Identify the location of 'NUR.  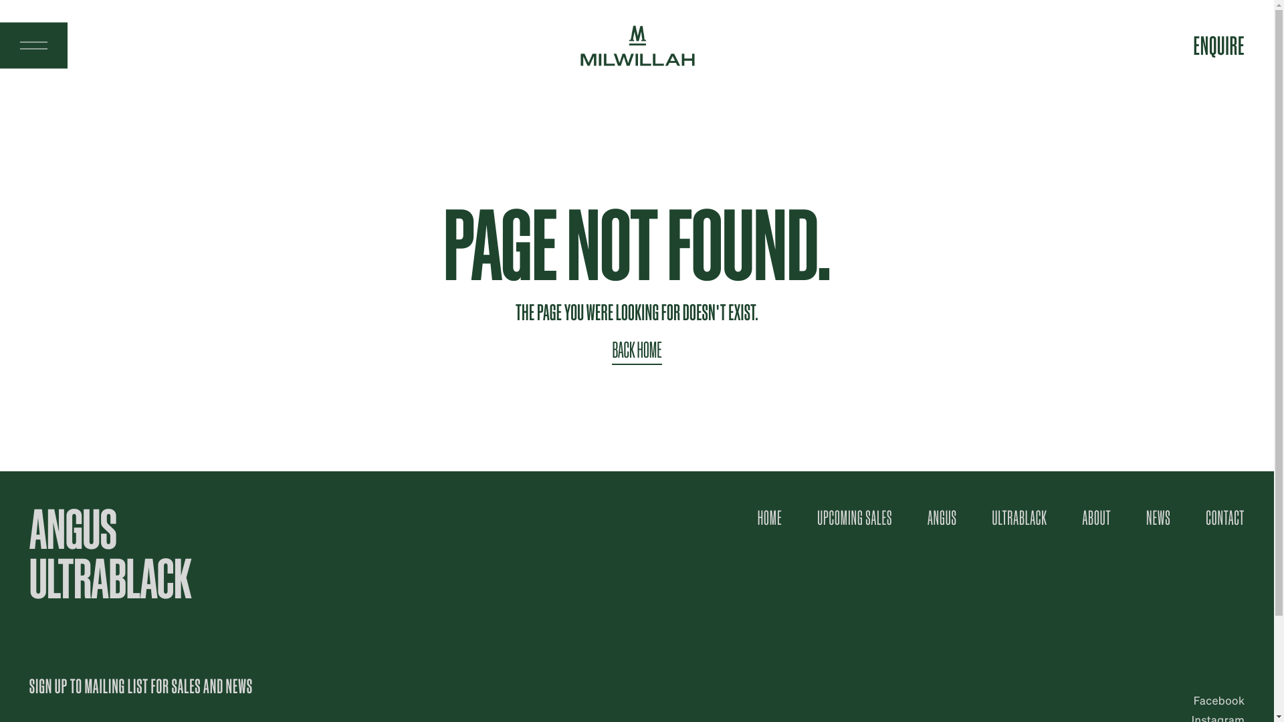
(1218, 45).